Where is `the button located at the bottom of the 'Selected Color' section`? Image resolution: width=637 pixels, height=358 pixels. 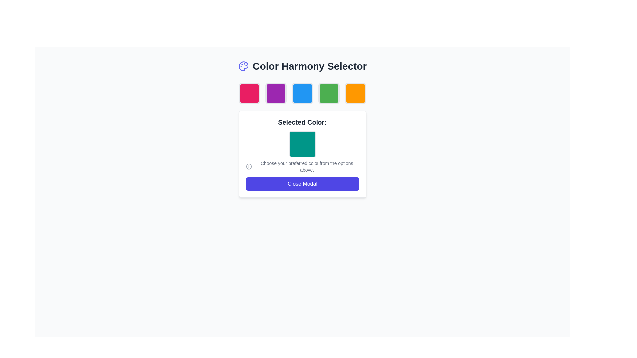 the button located at the bottom of the 'Selected Color' section is located at coordinates (302, 184).